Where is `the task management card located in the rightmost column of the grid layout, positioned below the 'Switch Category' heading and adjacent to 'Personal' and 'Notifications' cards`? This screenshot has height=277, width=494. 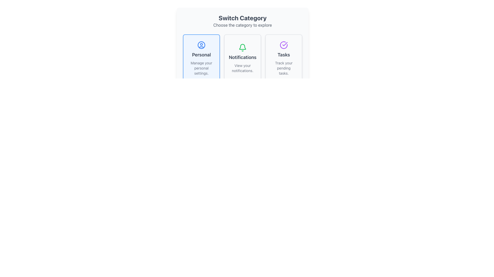 the task management card located in the rightmost column of the grid layout, positioned below the 'Switch Category' heading and adjacent to 'Personal' and 'Notifications' cards is located at coordinates (284, 58).